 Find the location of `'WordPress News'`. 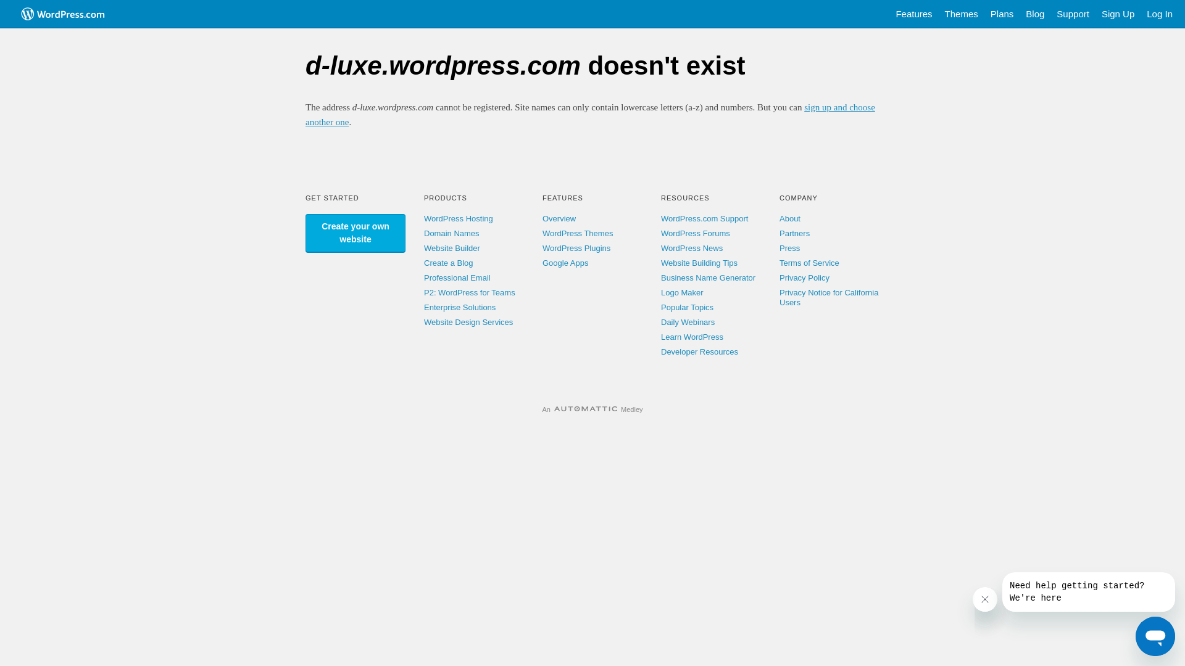

'WordPress News' is located at coordinates (660, 248).